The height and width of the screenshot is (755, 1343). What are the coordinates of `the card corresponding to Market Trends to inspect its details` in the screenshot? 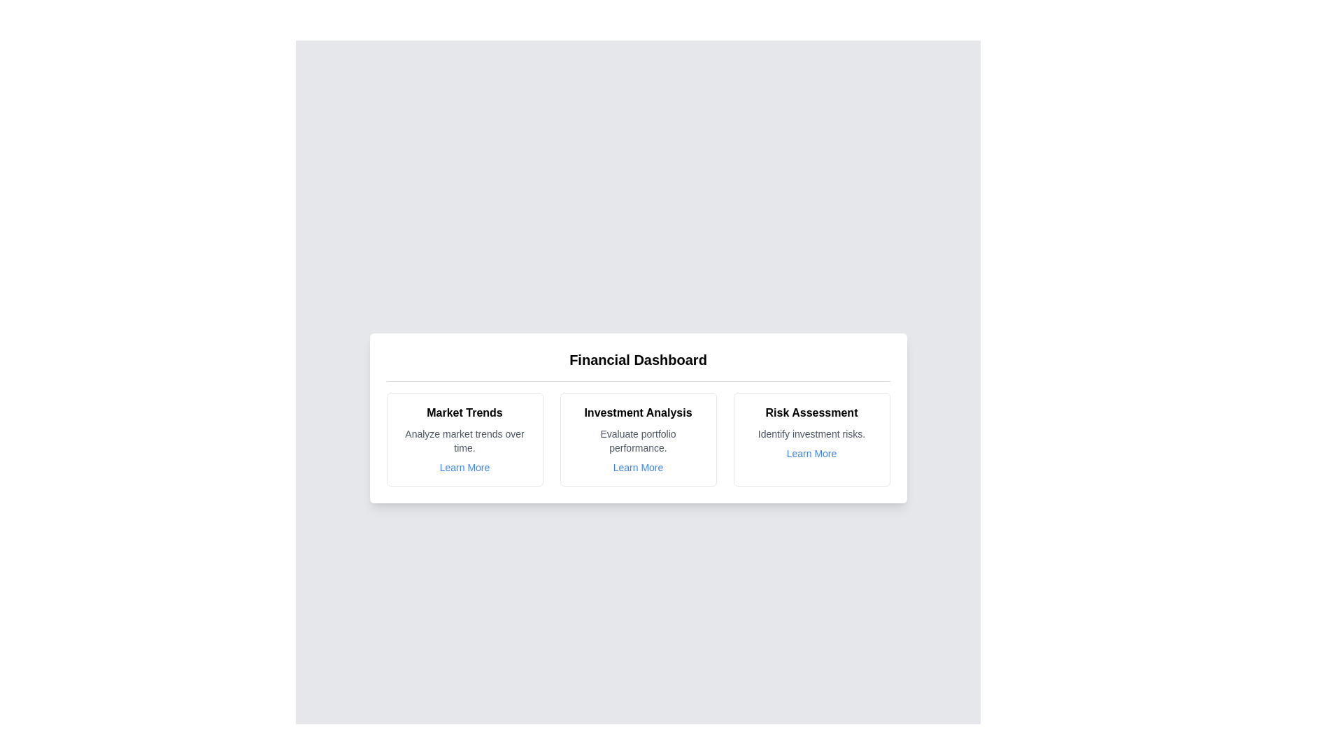 It's located at (464, 438).